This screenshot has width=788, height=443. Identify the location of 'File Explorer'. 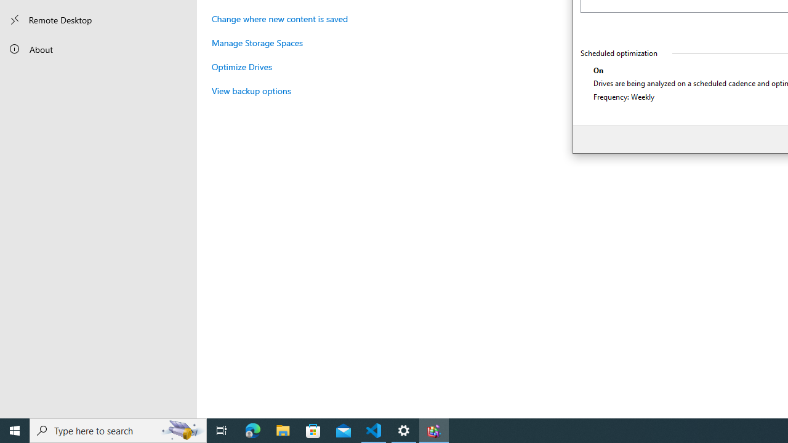
(283, 429).